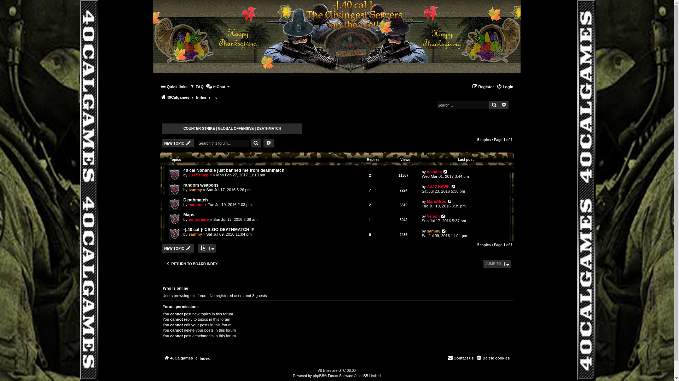 This screenshot has height=381, width=679. I want to click on 'Deathmatch', so click(183, 200).